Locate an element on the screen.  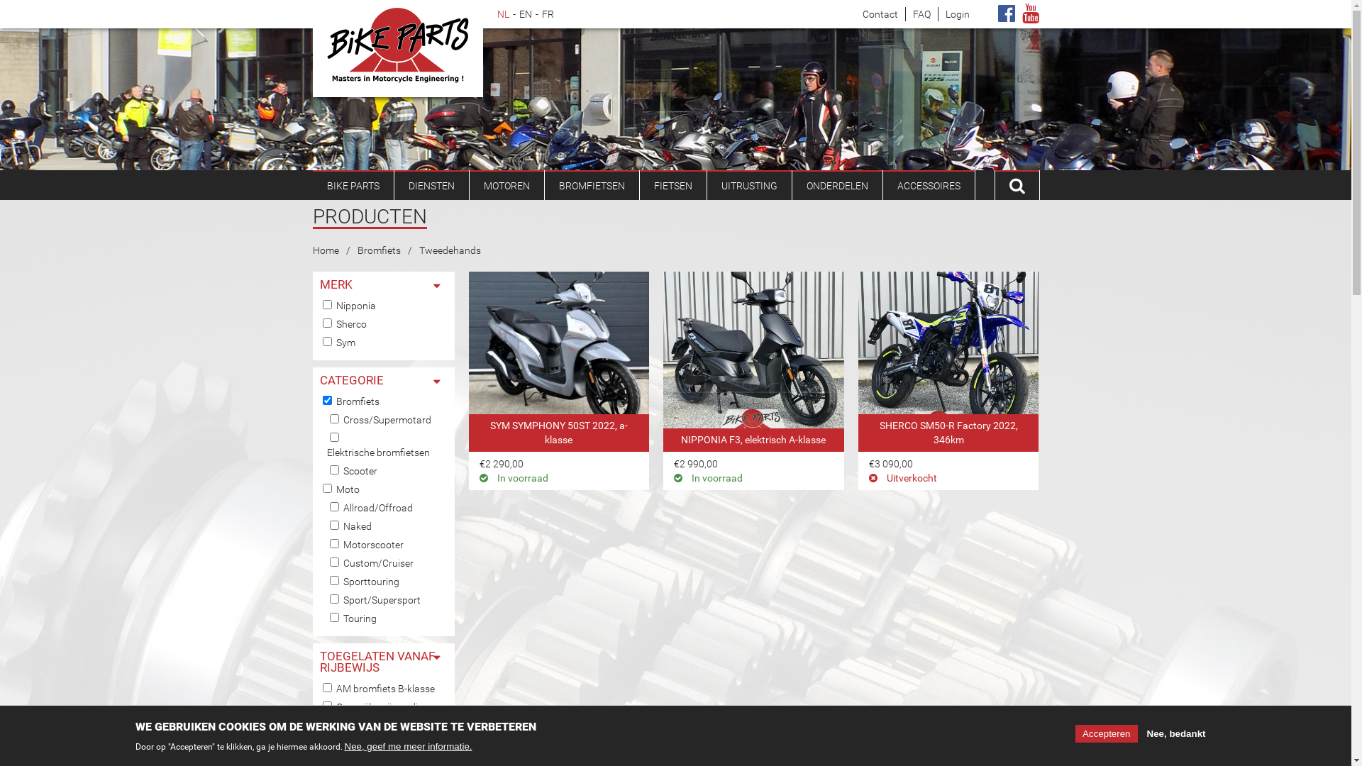
'Geen rijbewijs nodig is located at coordinates (380, 706).